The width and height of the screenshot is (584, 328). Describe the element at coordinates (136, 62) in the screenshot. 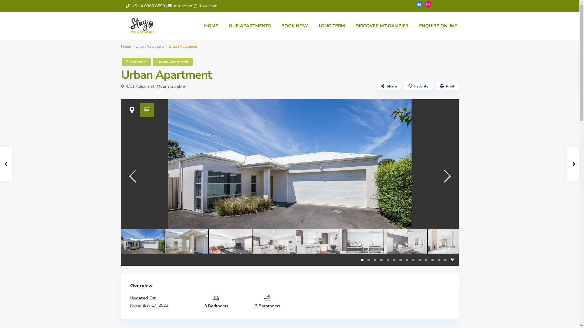

I see `'3-Bedroom'` at that location.